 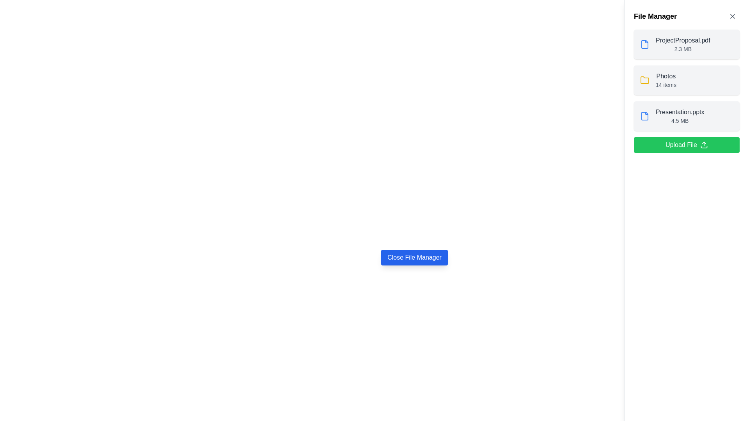 I want to click on the small blue file icon located to the left of 'Presentation.pptx' in the file manager list panel, so click(x=644, y=116).